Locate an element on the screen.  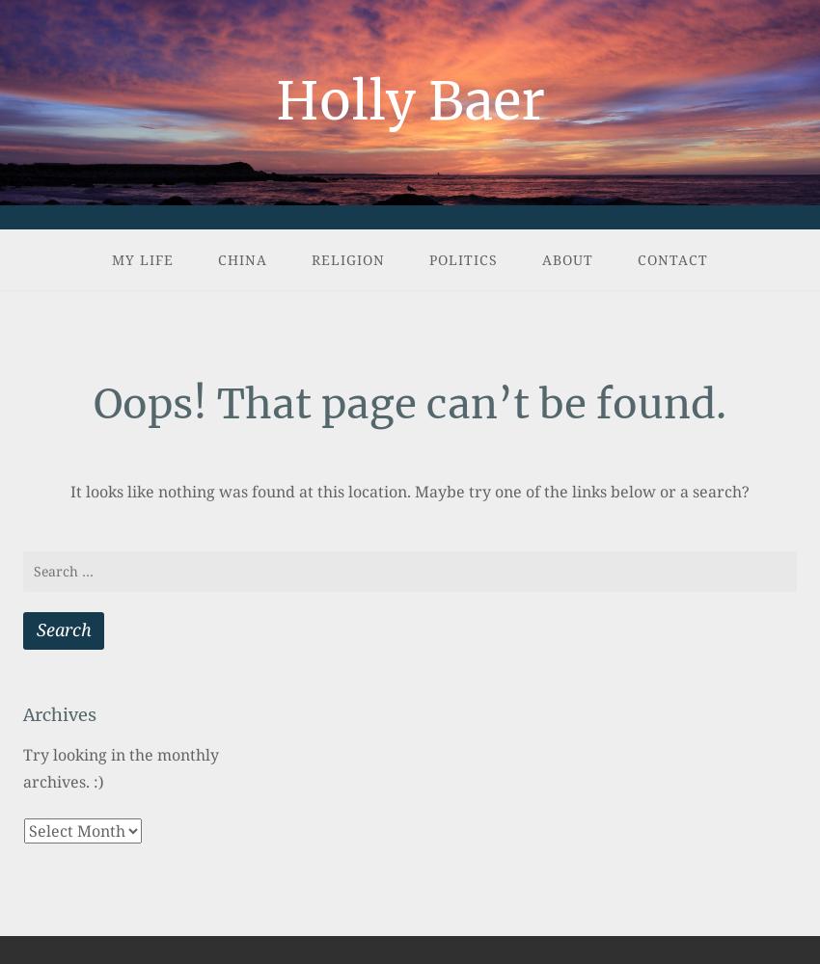
'It looks like nothing was found at this location. Maybe try one of the links below or a search?' is located at coordinates (410, 491).